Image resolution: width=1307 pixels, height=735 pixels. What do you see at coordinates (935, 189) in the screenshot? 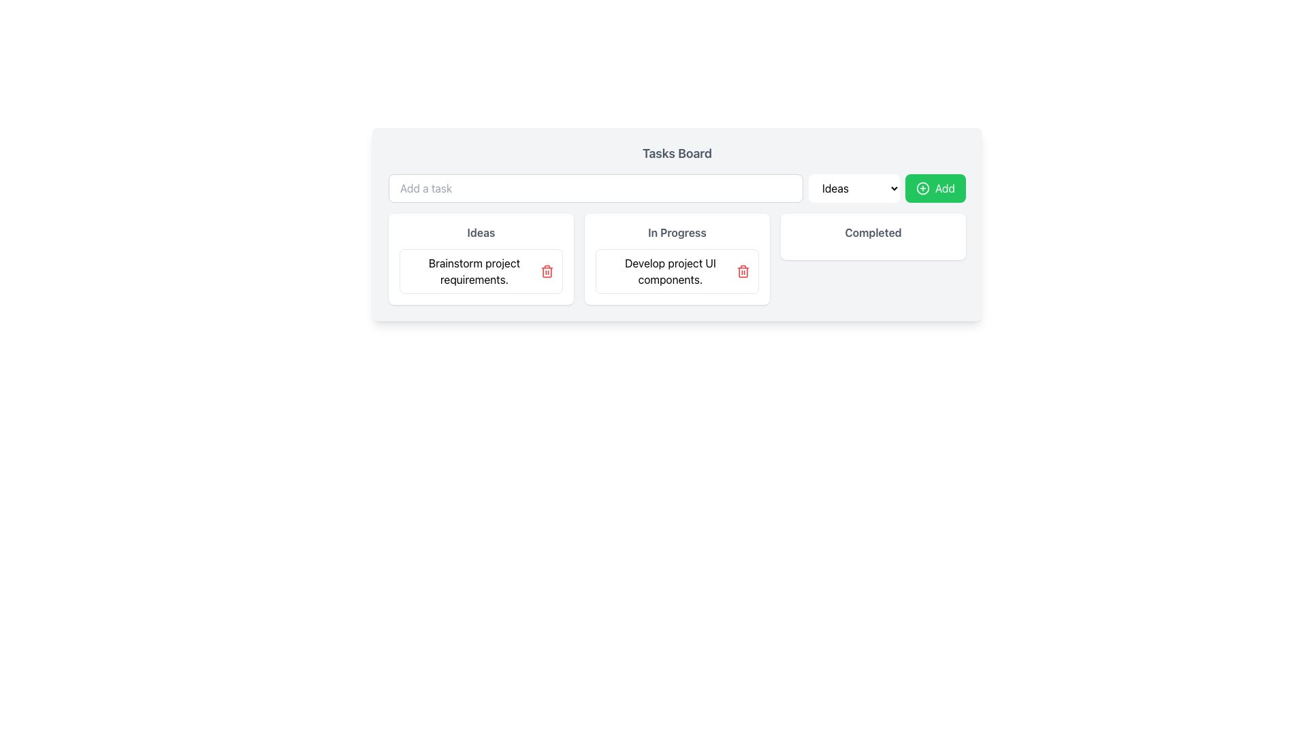
I see `the green button labeled 'Add' with a plus sign icon` at bounding box center [935, 189].